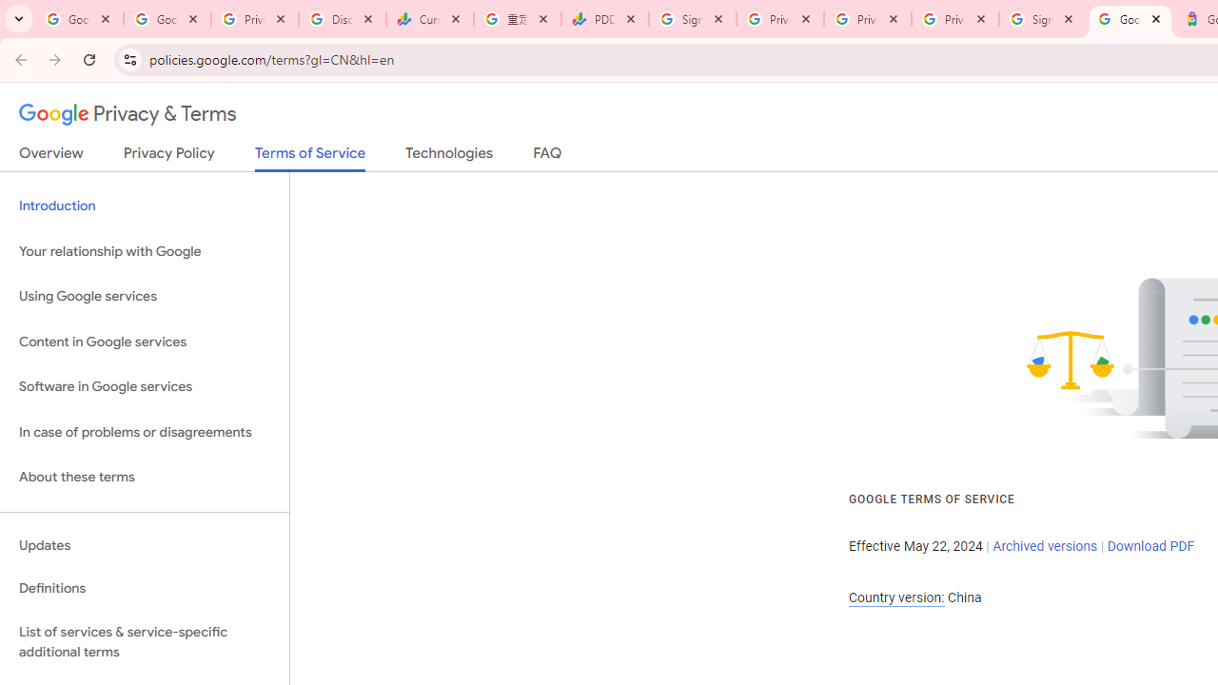  Describe the element at coordinates (144, 206) in the screenshot. I see `'Introduction'` at that location.